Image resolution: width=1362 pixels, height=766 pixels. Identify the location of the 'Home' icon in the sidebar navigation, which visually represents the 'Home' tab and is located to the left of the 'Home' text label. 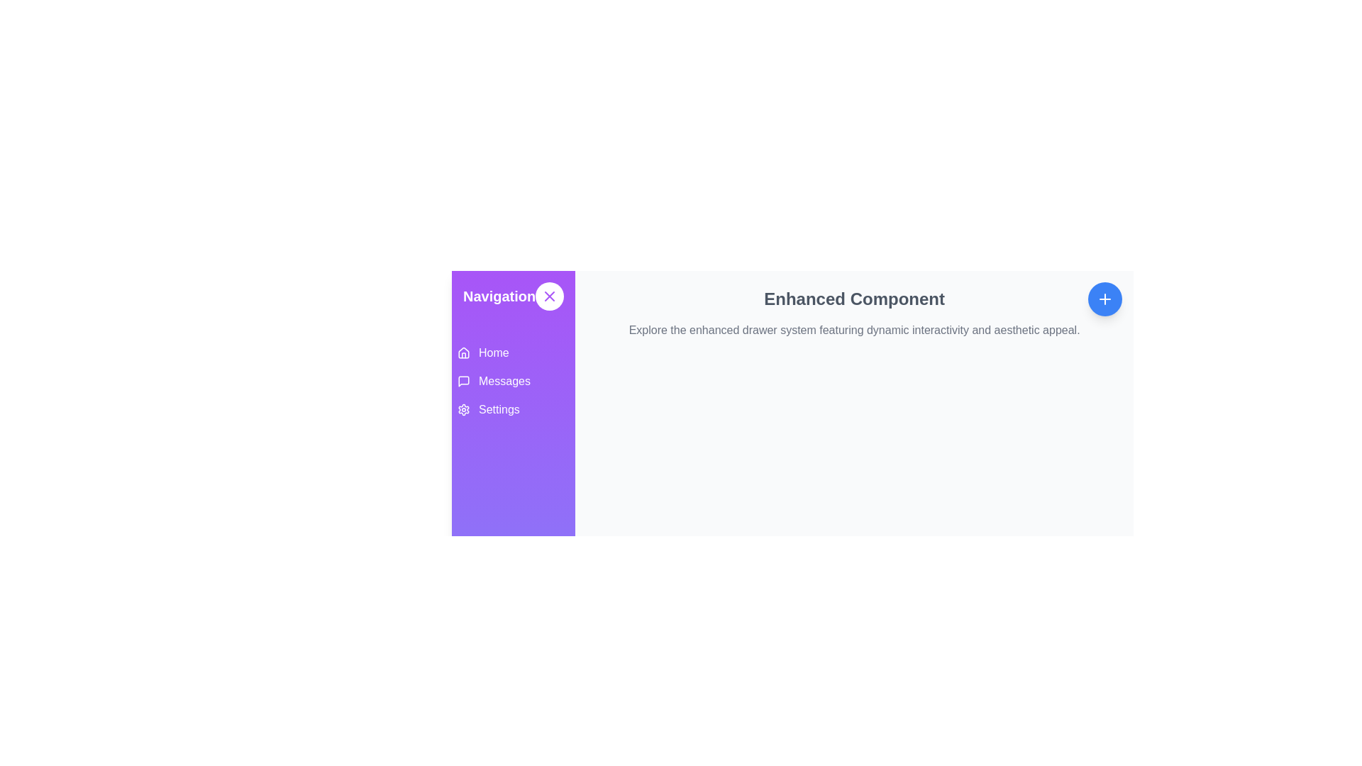
(463, 352).